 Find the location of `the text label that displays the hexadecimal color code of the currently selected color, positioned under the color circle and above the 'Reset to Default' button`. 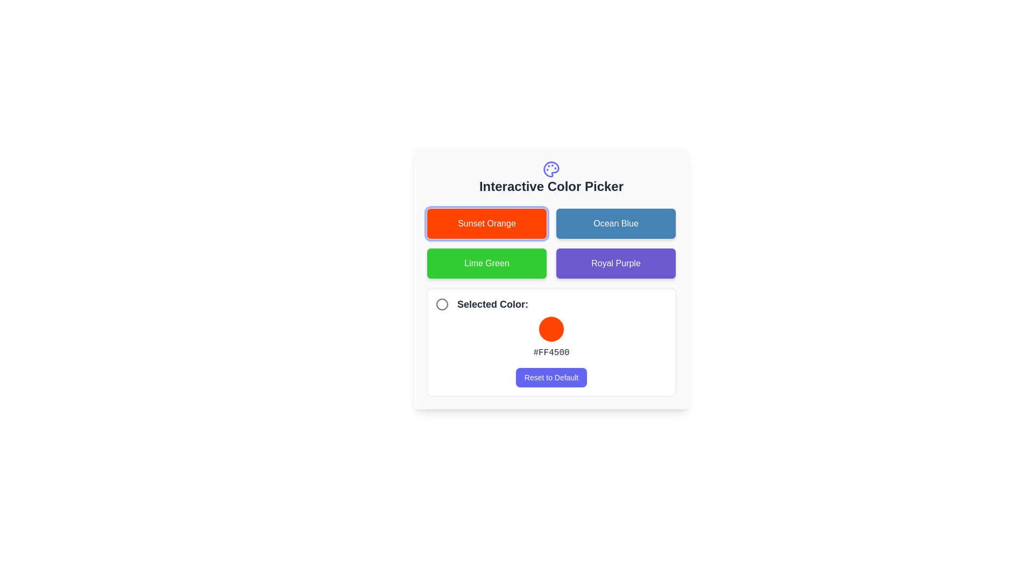

the text label that displays the hexadecimal color code of the currently selected color, positioned under the color circle and above the 'Reset to Default' button is located at coordinates (551, 352).